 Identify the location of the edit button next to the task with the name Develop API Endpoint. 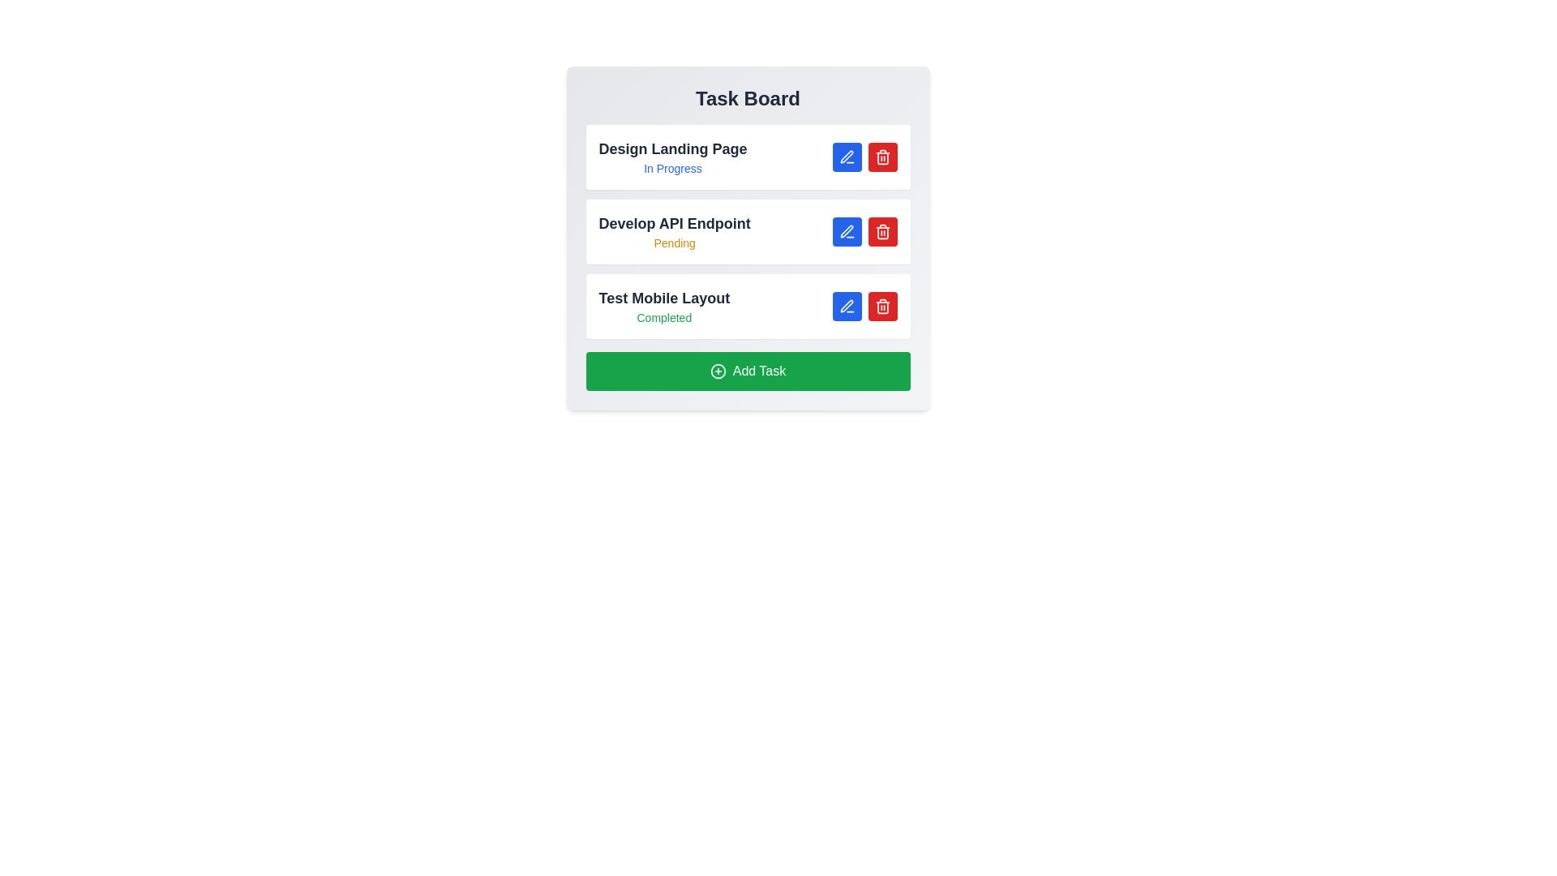
(846, 231).